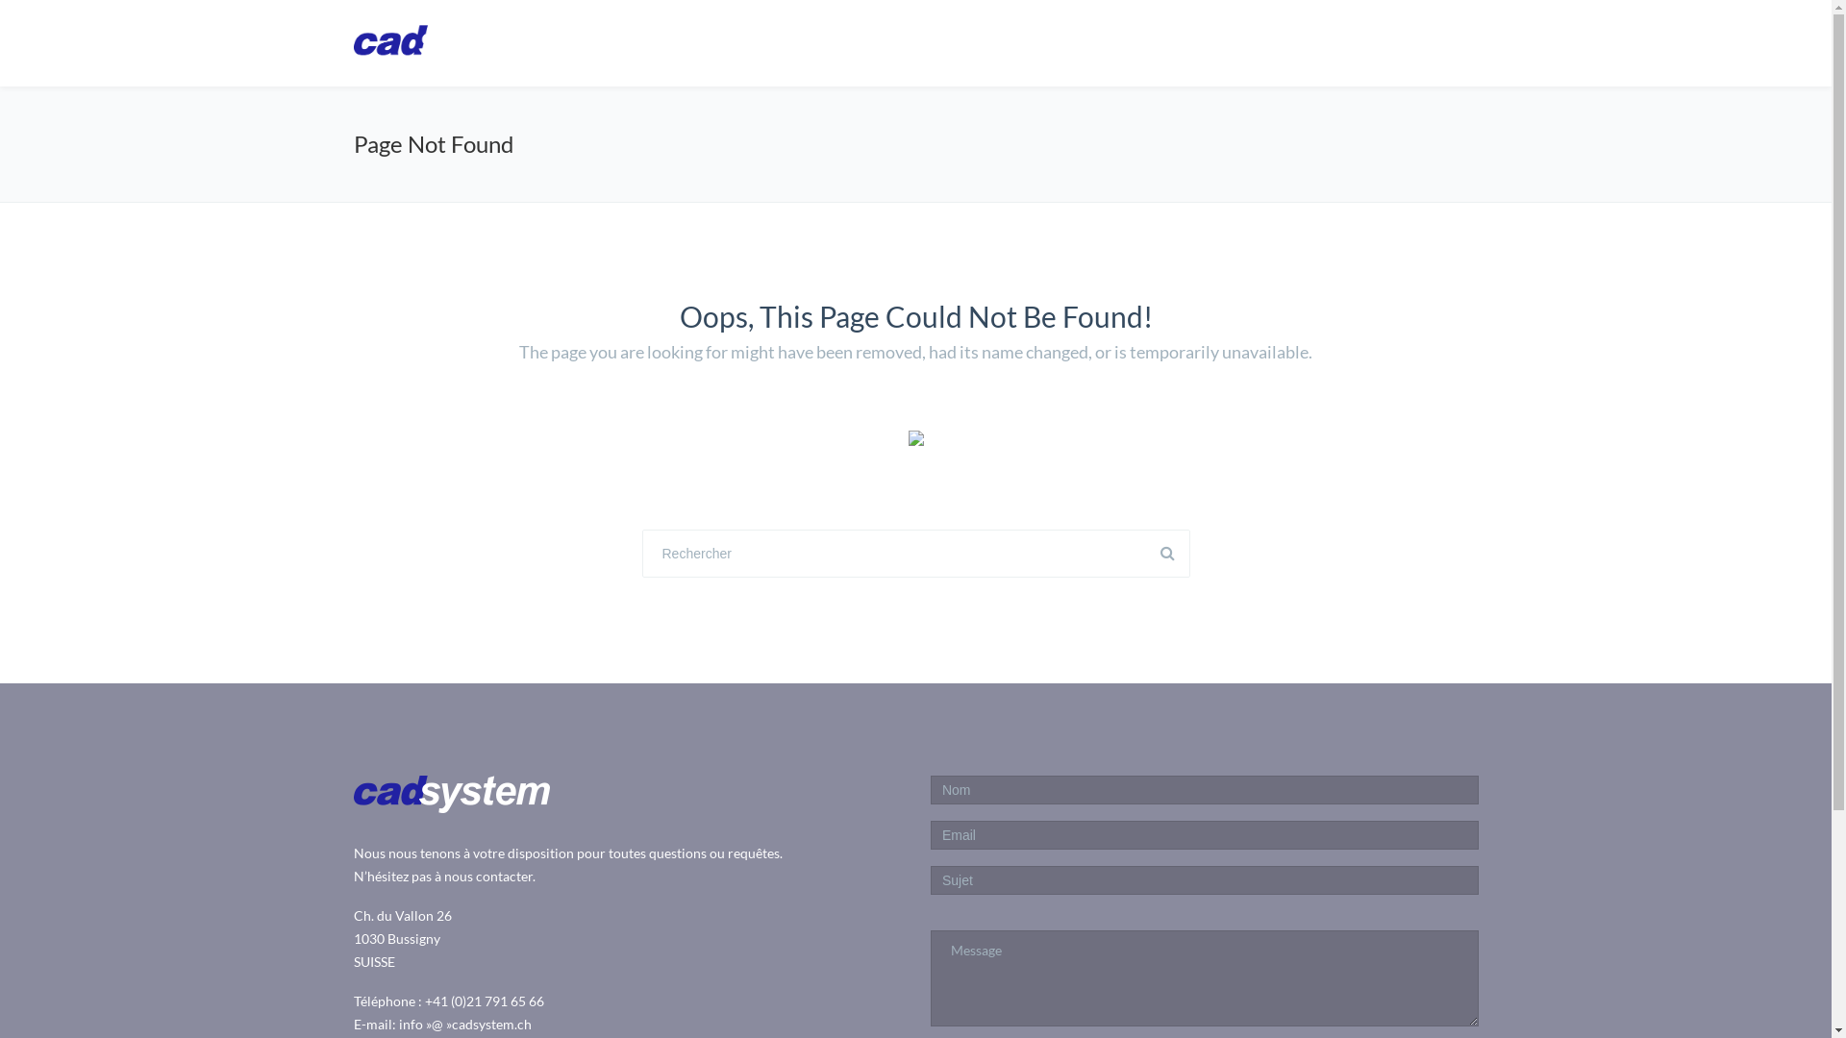 This screenshot has width=1846, height=1038. I want to click on 'Services', so click(1260, 42).